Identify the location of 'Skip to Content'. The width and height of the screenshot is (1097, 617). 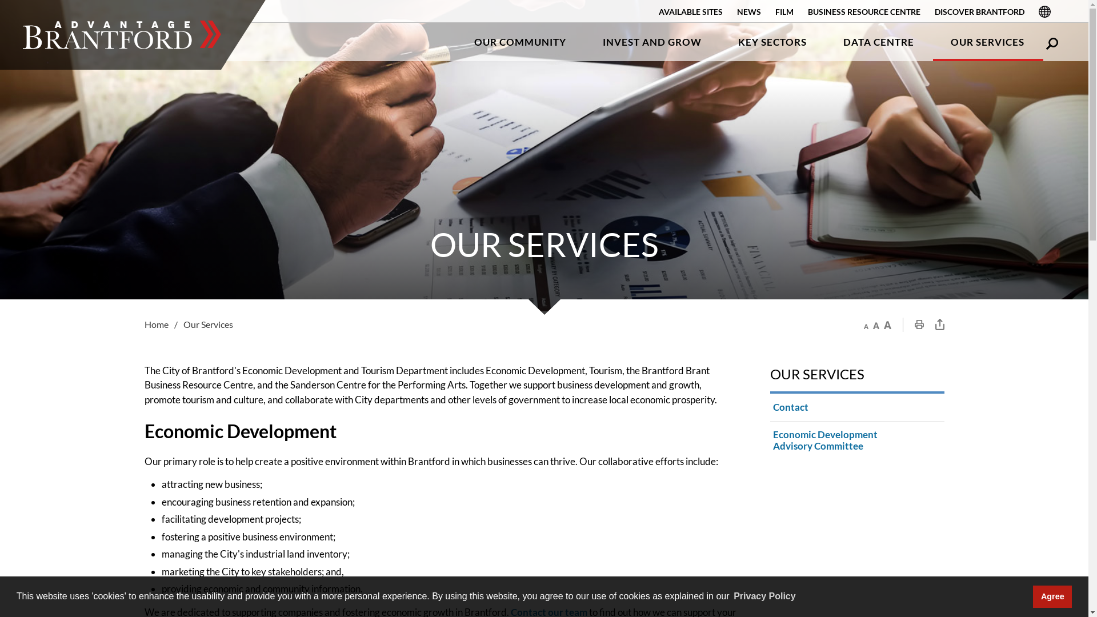
(0, 0).